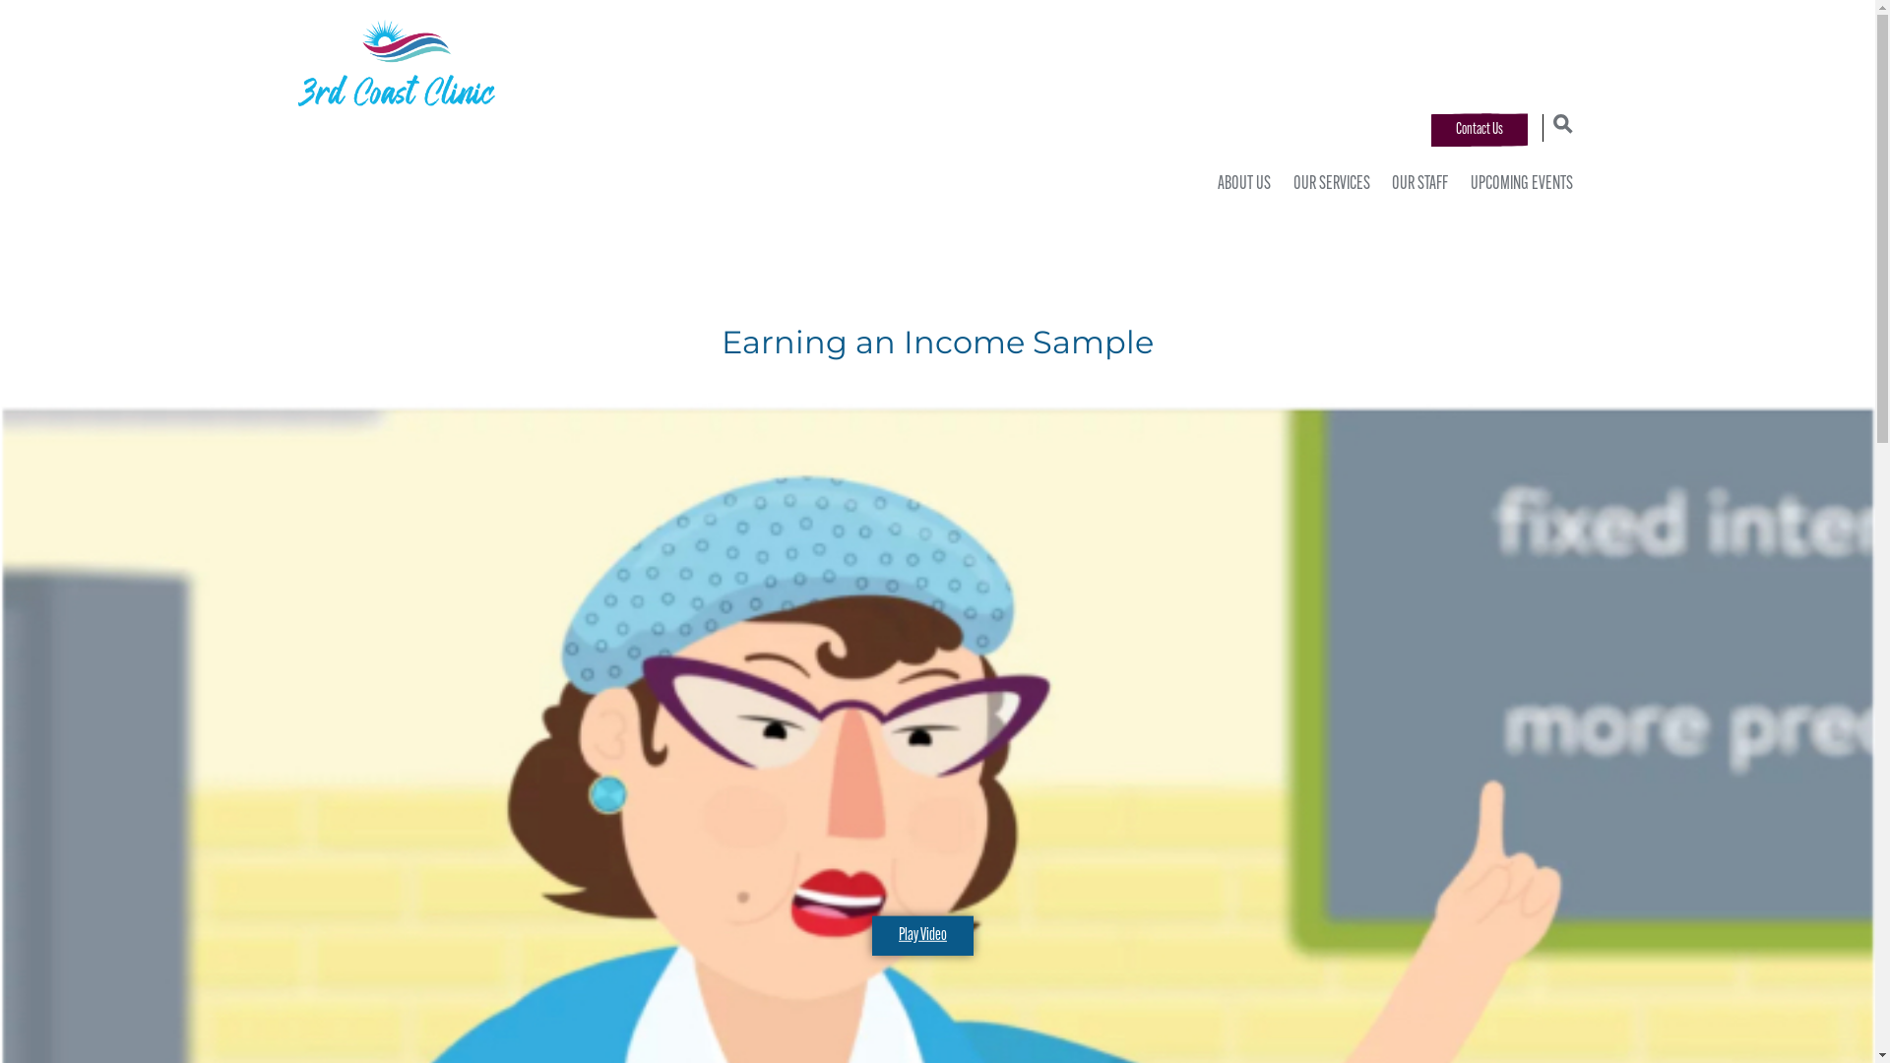  What do you see at coordinates (1238, 185) in the screenshot?
I see `'ABOUT US'` at bounding box center [1238, 185].